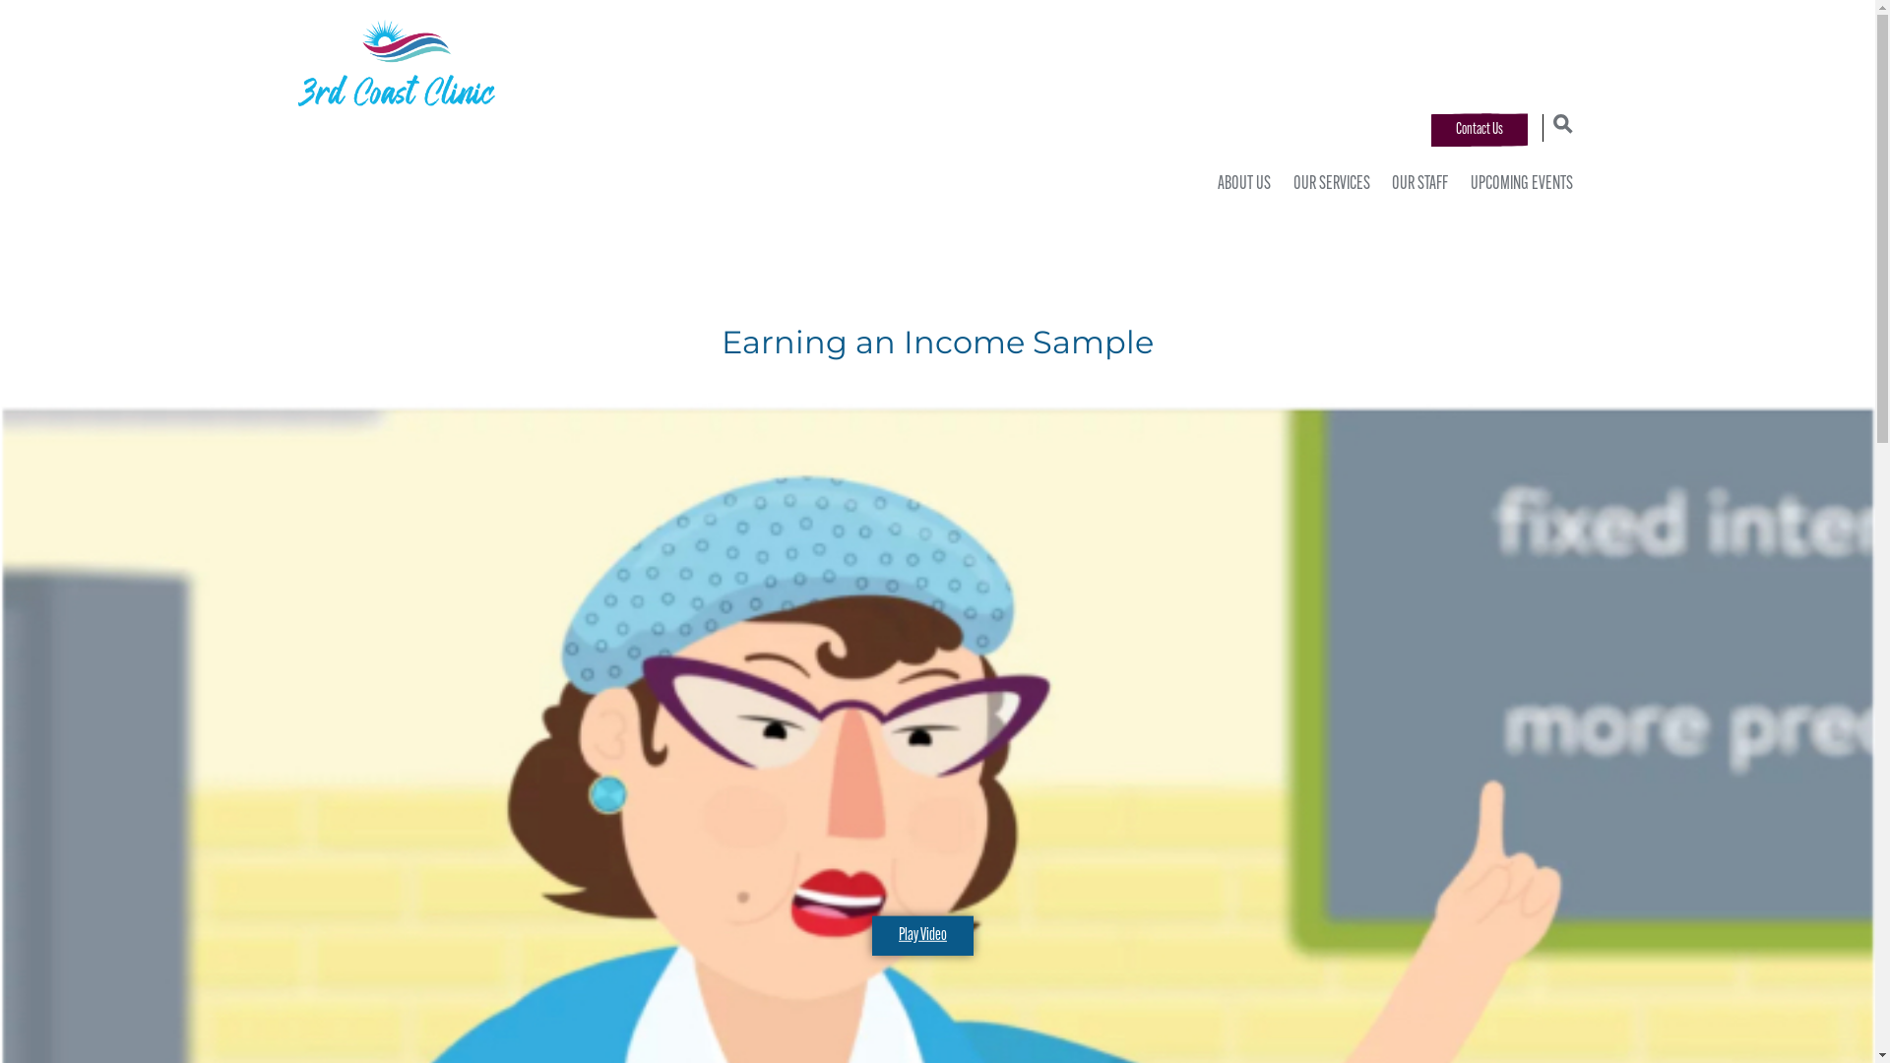  What do you see at coordinates (1238, 185) in the screenshot?
I see `'ABOUT US'` at bounding box center [1238, 185].